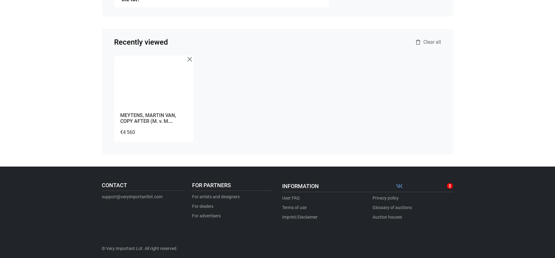  I want to click on 'For advertisers', so click(192, 215).